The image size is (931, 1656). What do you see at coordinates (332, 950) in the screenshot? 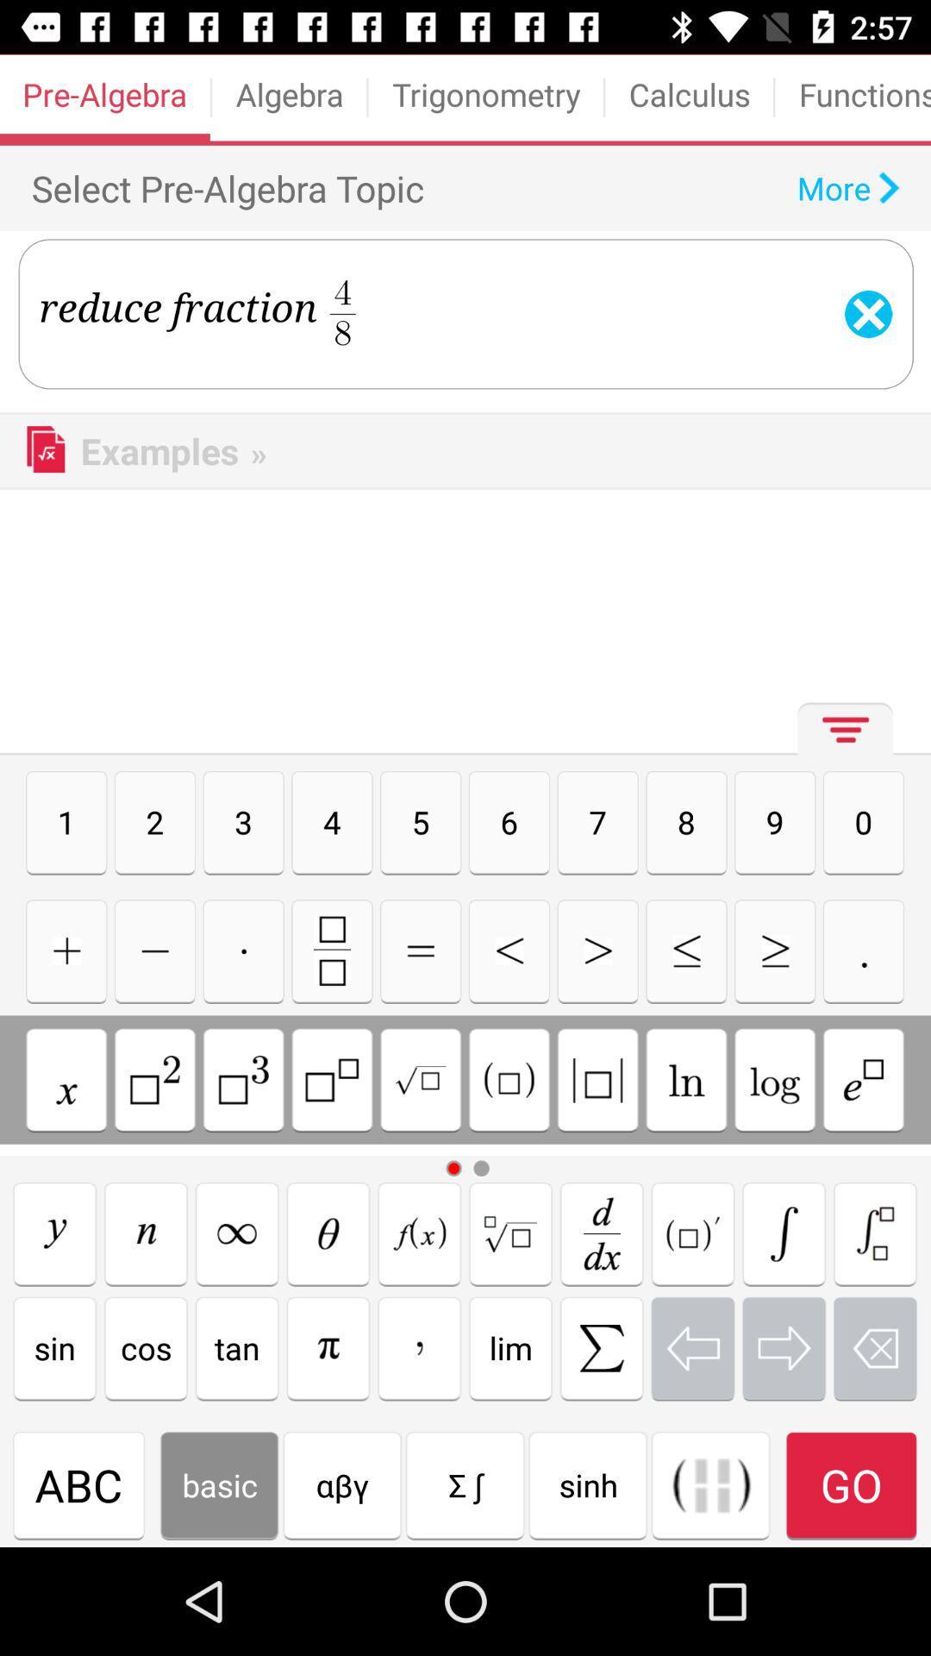
I see `the save icon` at bounding box center [332, 950].